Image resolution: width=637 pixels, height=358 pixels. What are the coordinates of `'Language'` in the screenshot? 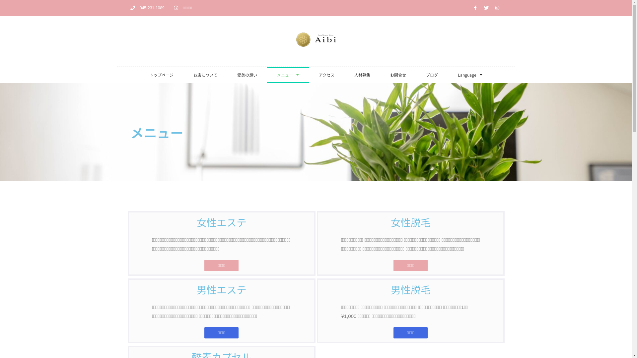 It's located at (469, 75).